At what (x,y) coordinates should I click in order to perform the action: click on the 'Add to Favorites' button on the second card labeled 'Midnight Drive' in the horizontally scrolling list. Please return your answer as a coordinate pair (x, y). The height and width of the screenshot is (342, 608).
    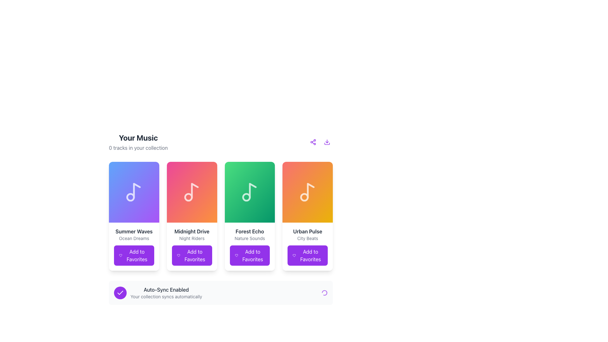
    Looking at the image, I should click on (192, 255).